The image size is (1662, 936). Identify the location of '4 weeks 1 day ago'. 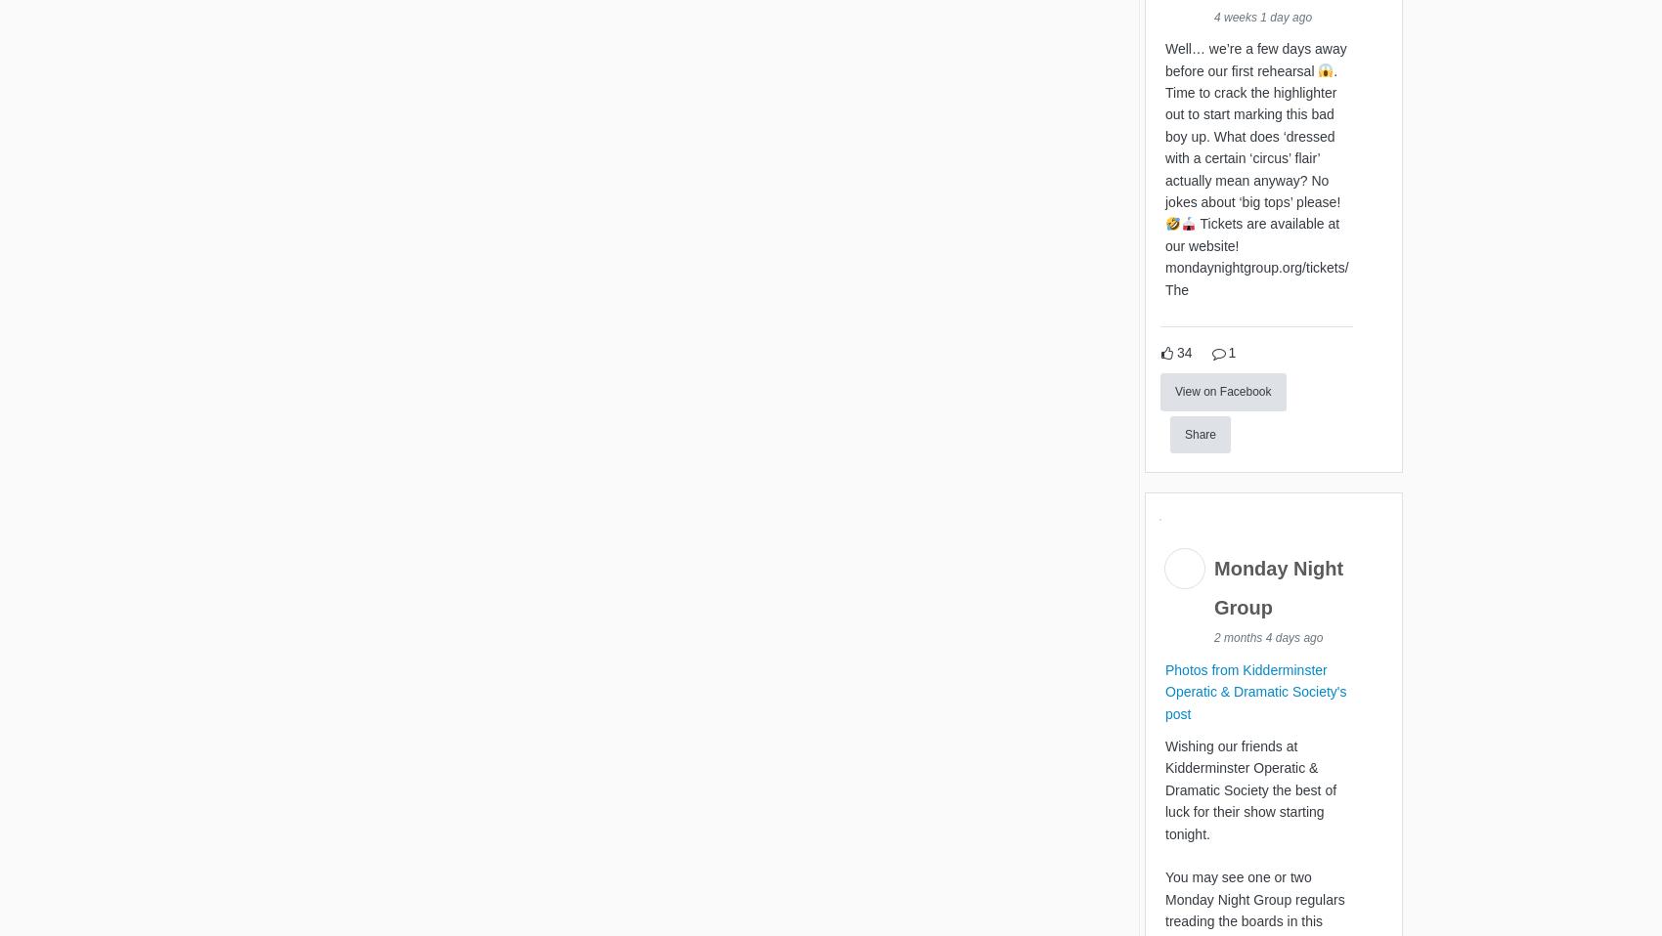
(1213, 19).